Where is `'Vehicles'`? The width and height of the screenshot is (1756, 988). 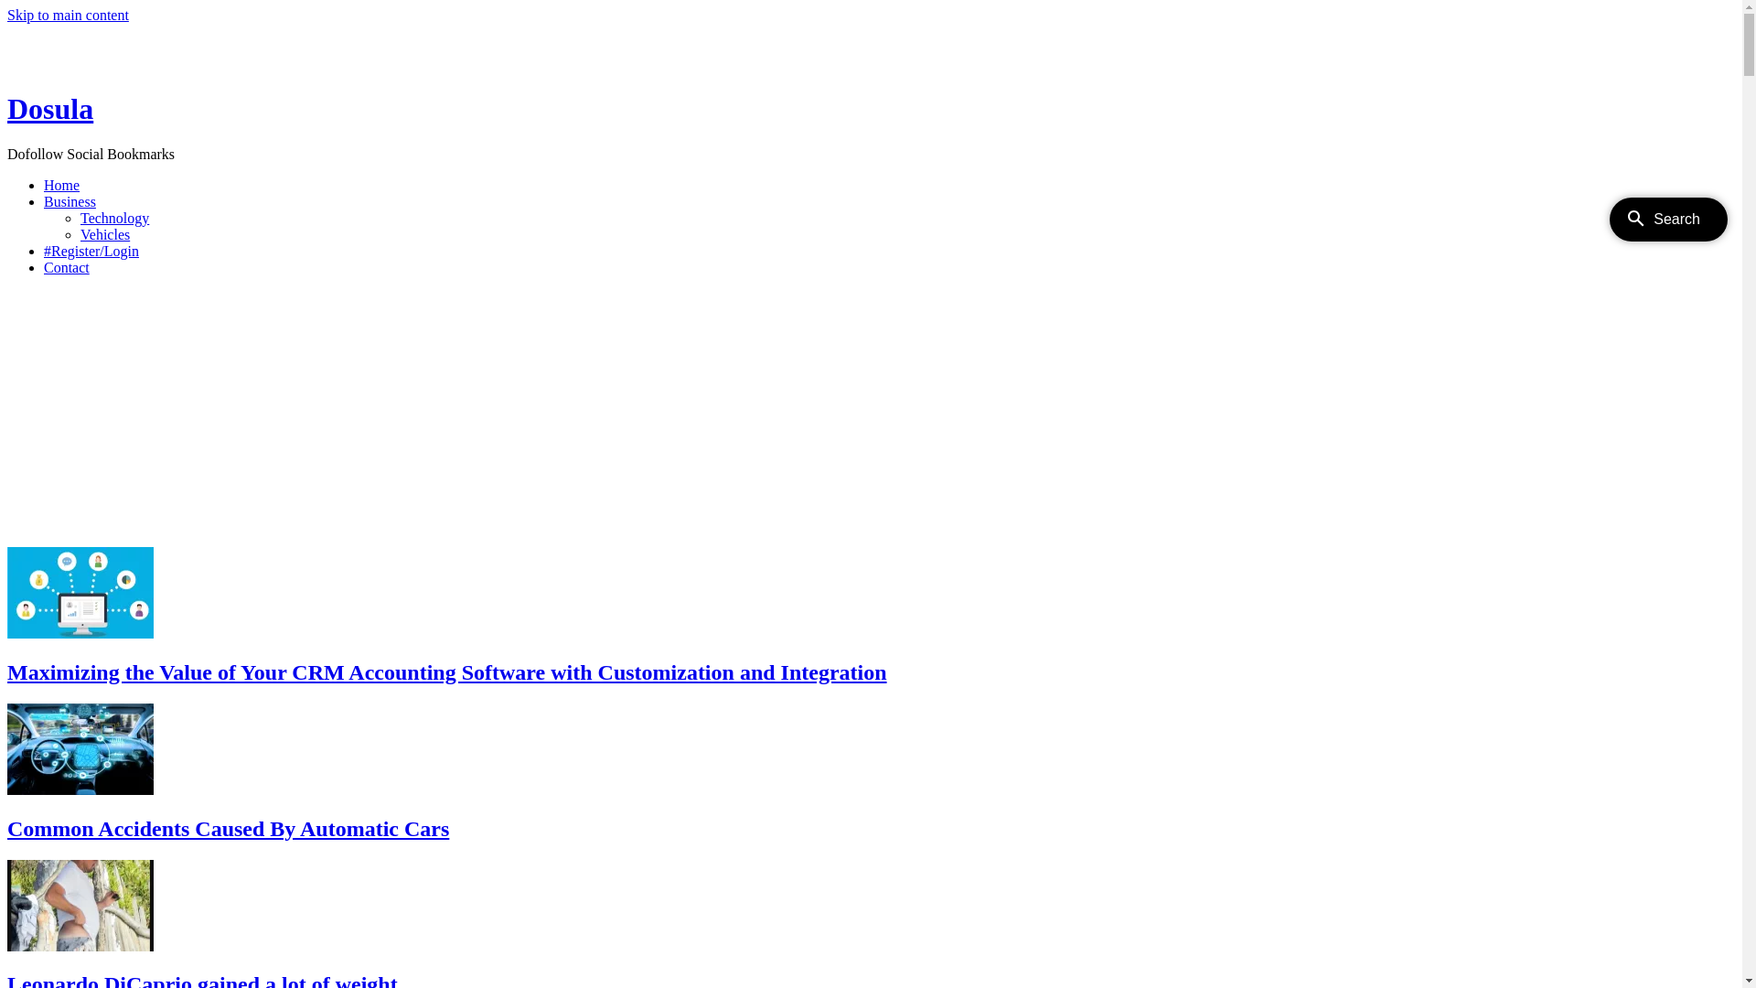 'Vehicles' is located at coordinates (79, 233).